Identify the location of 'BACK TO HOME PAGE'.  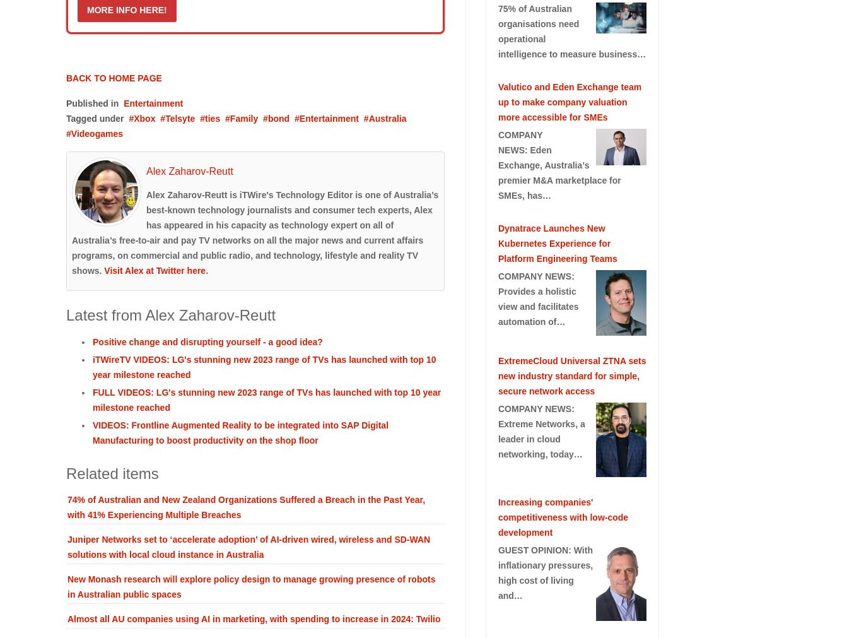
(66, 78).